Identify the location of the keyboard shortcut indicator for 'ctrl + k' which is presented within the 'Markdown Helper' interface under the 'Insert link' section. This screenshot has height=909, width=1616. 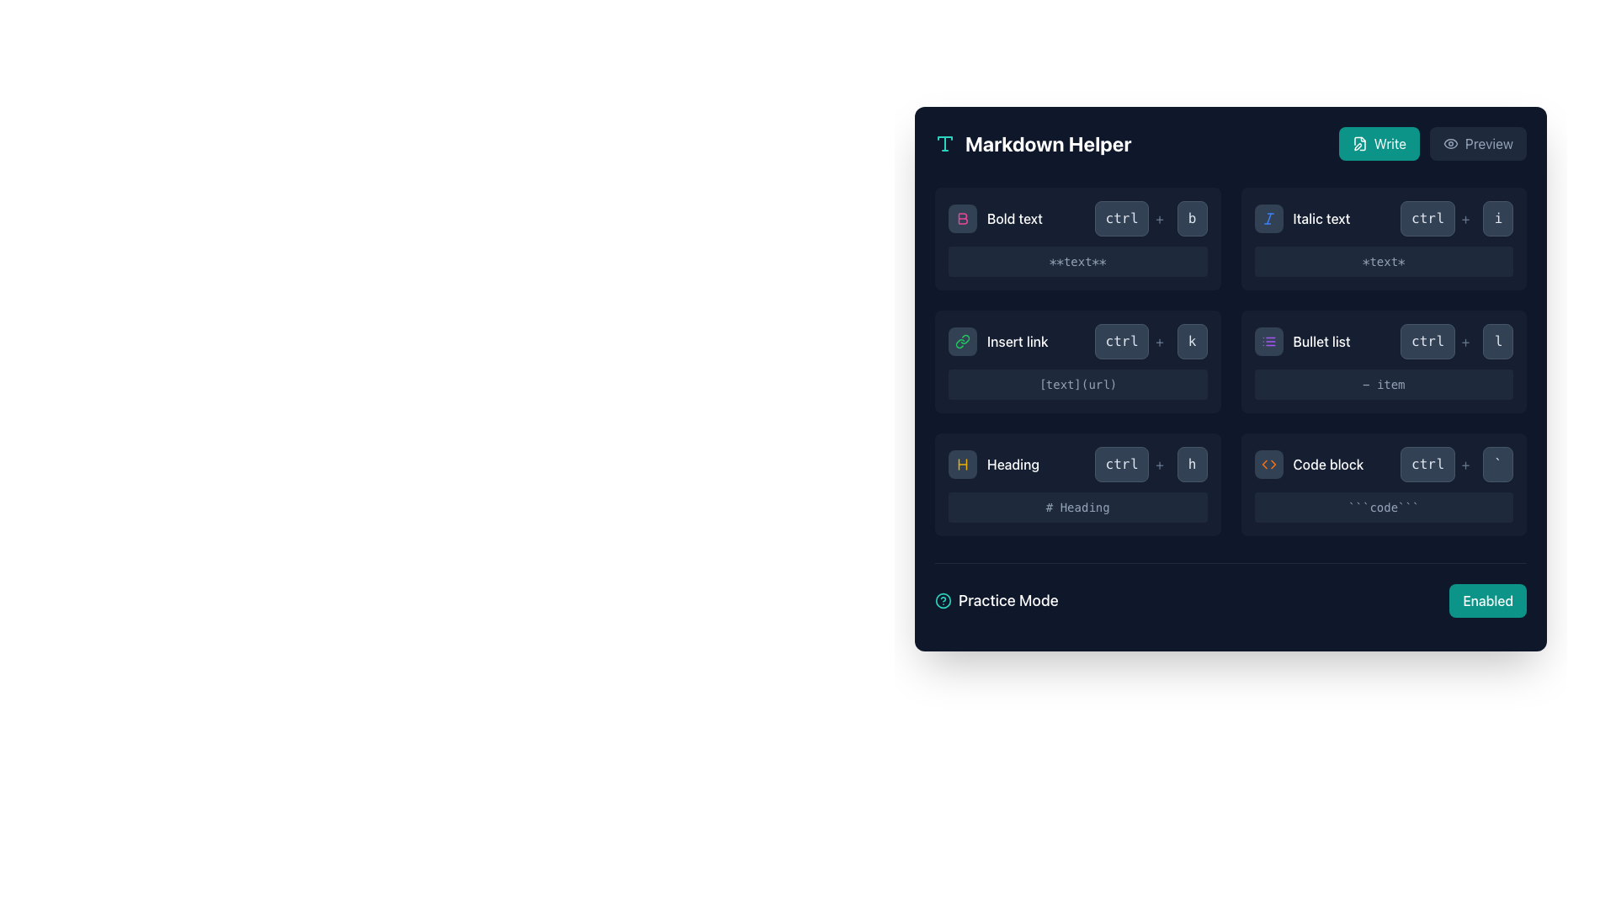
(1150, 341).